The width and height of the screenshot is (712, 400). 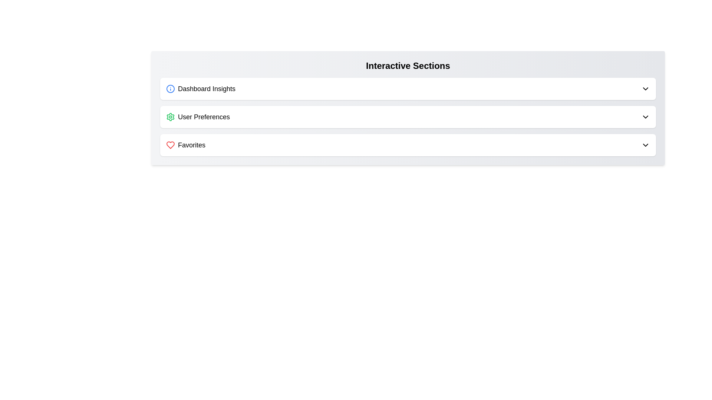 I want to click on the Dropdown Toggle Icon located at the rightmost position of the header row in 'Dashboard Insights', so click(x=645, y=88).